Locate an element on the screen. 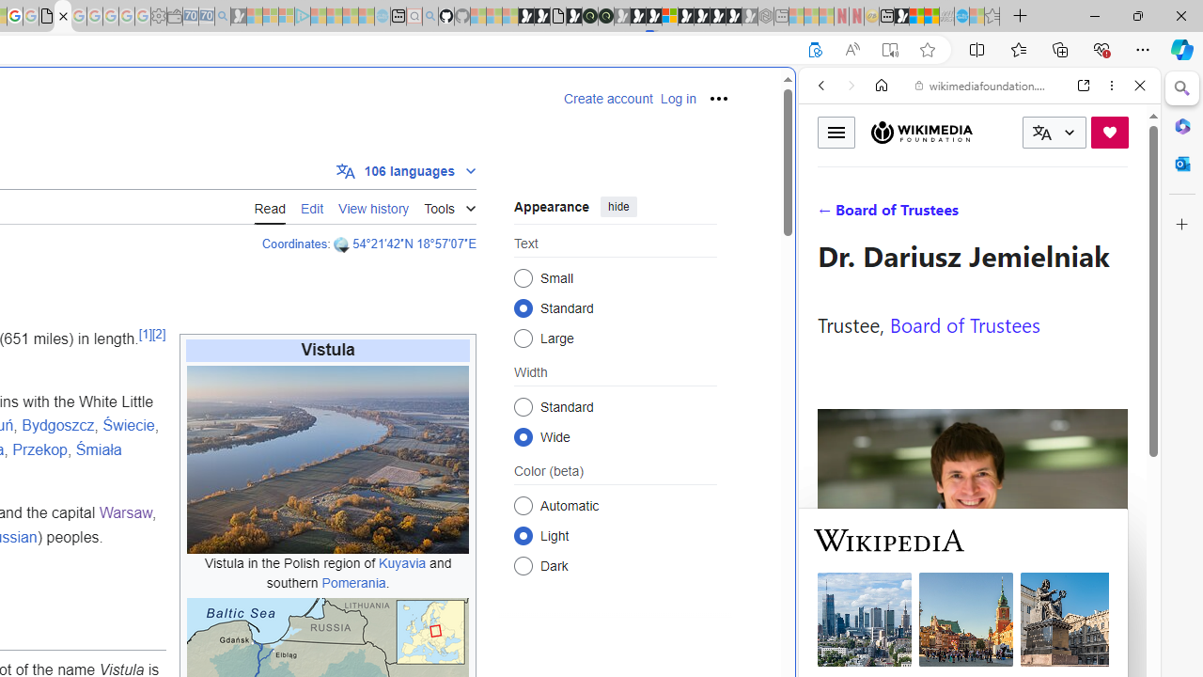 The height and width of the screenshot is (677, 1203). 'Microsoft Start Gaming - Sleeping' is located at coordinates (238, 16).